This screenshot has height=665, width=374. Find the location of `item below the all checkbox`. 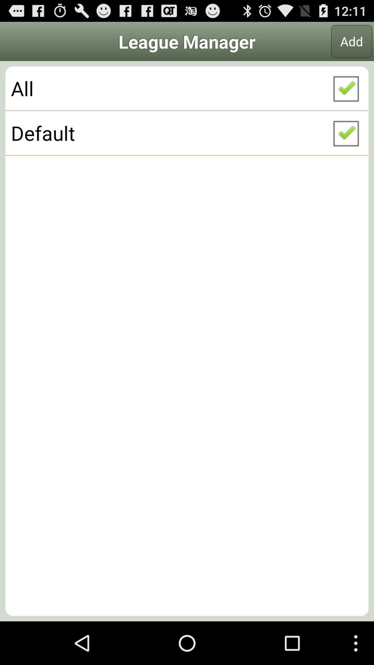

item below the all checkbox is located at coordinates (187, 133).